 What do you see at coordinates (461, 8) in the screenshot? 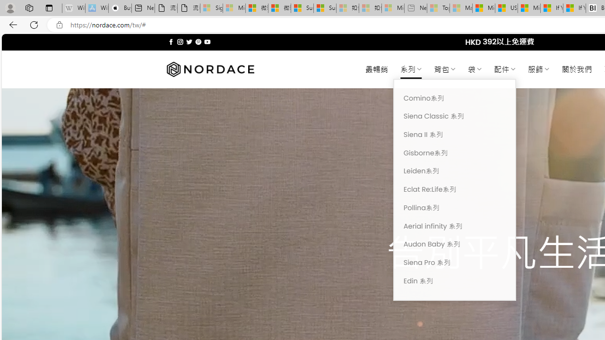
I see `'Marine life - MSN - Sleeping'` at bounding box center [461, 8].